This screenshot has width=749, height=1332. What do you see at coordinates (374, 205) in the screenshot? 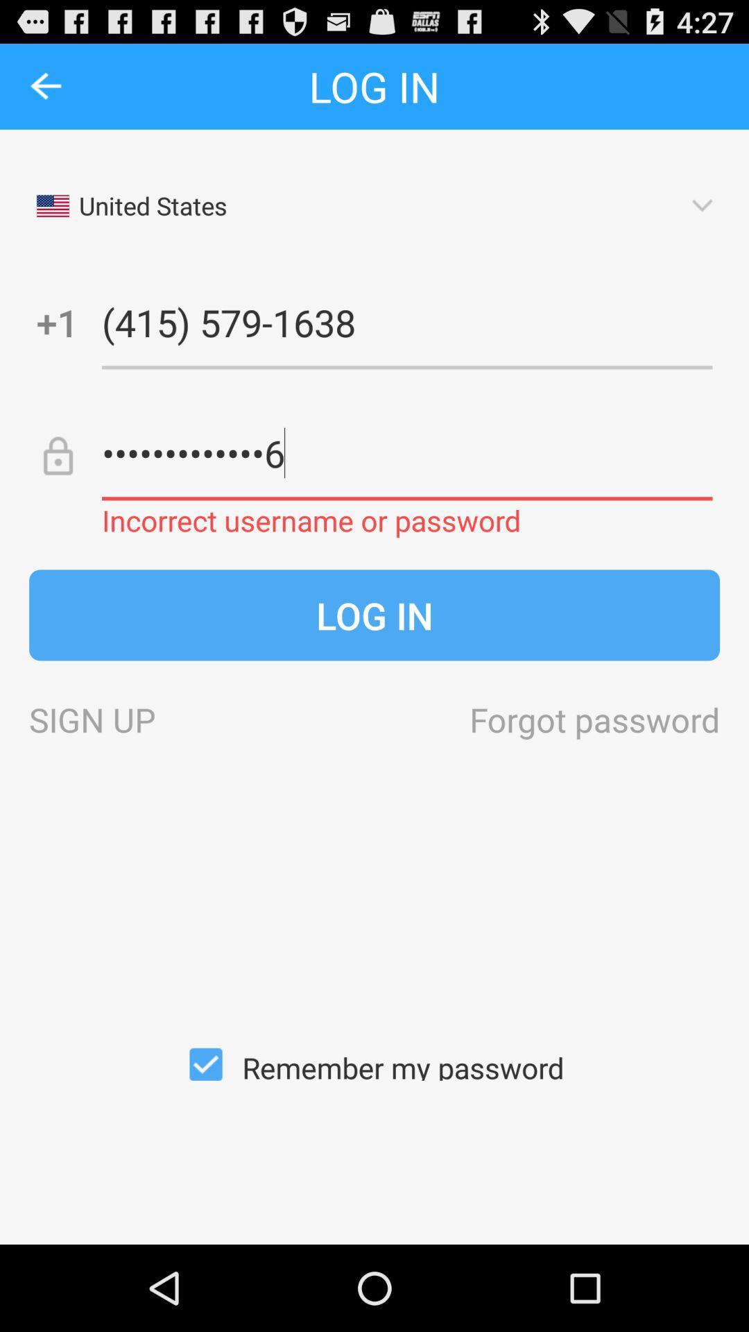
I see `the first drop down of the page` at bounding box center [374, 205].